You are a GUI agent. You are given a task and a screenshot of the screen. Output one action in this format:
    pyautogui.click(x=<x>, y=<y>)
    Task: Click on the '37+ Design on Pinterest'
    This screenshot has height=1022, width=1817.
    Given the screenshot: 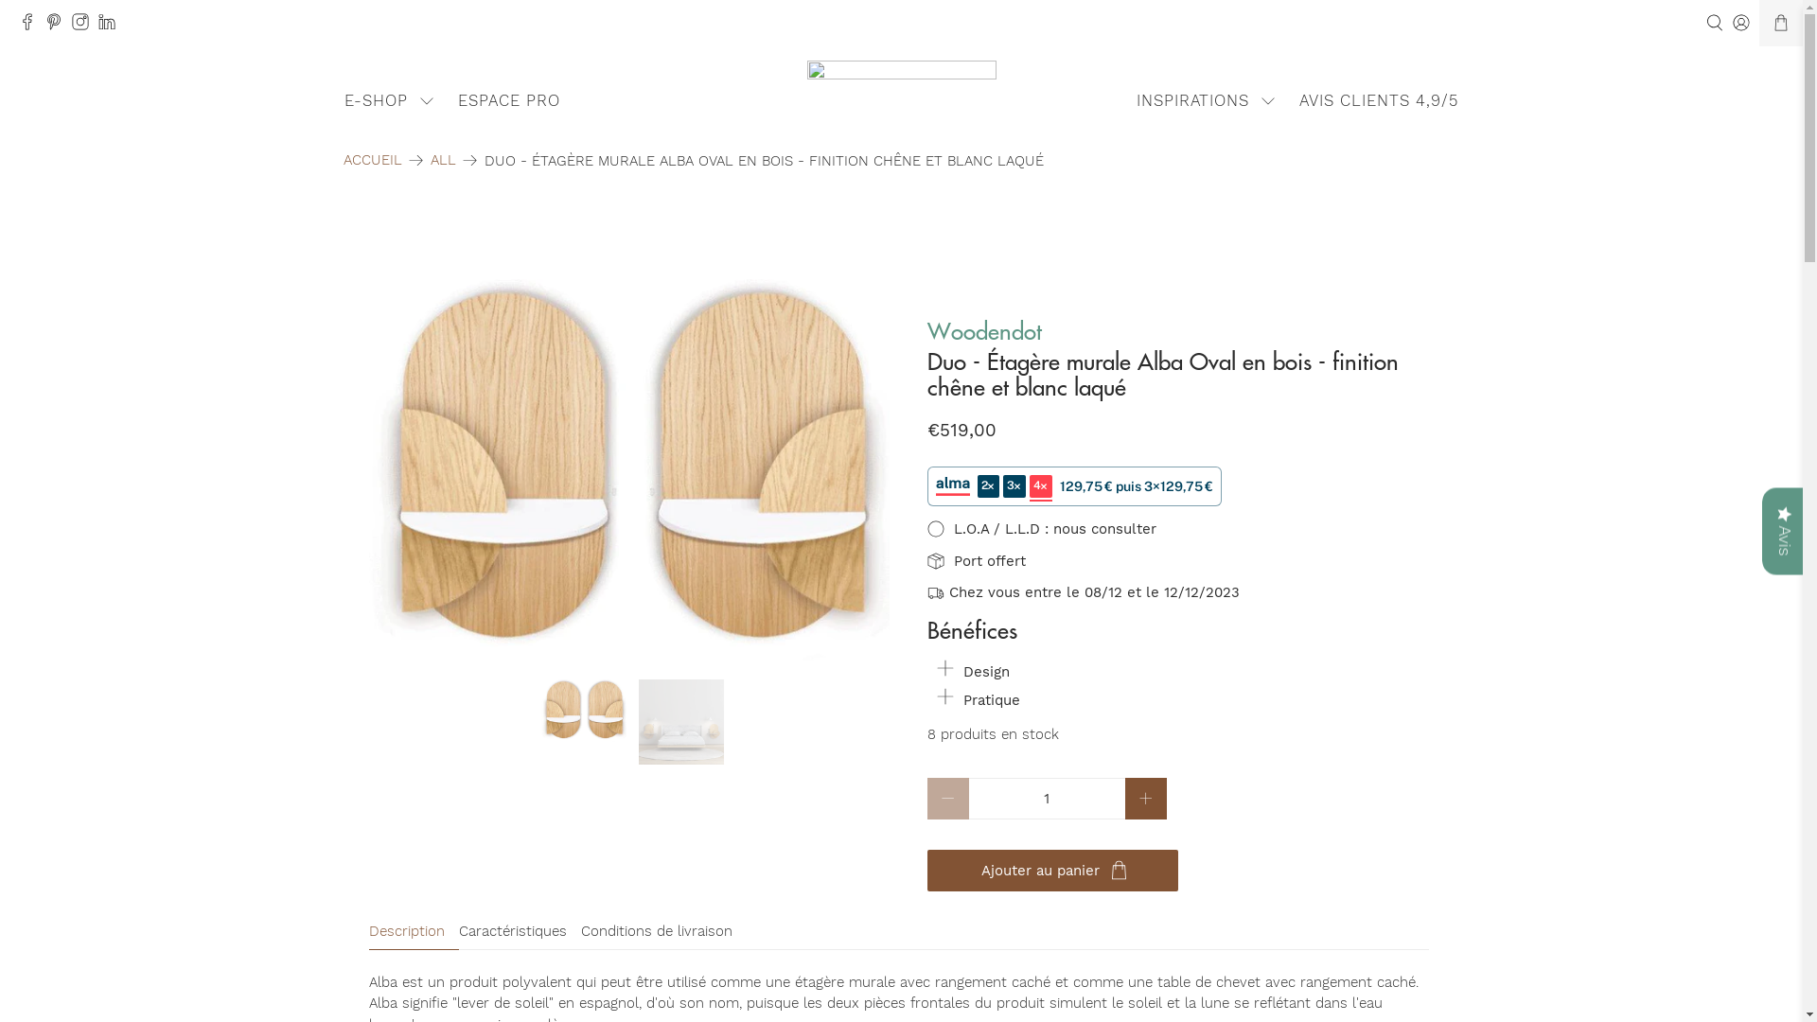 What is the action you would take?
    pyautogui.click(x=59, y=26)
    